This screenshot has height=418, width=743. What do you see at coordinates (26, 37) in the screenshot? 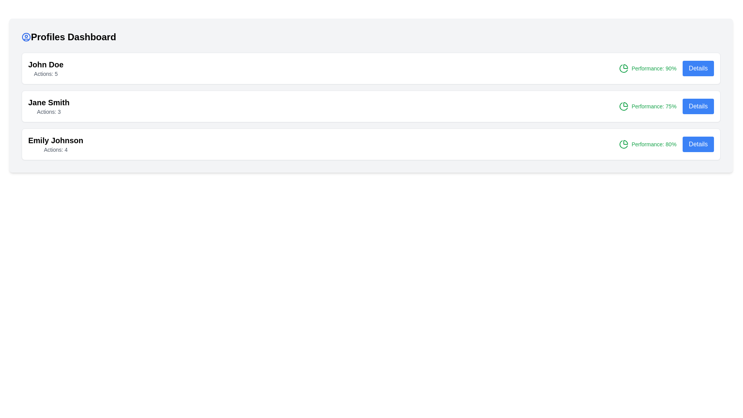
I see `the SVG circle that represents a user or profile, located inside the icon to the left of the 'Profiles Dashboard' title` at bounding box center [26, 37].